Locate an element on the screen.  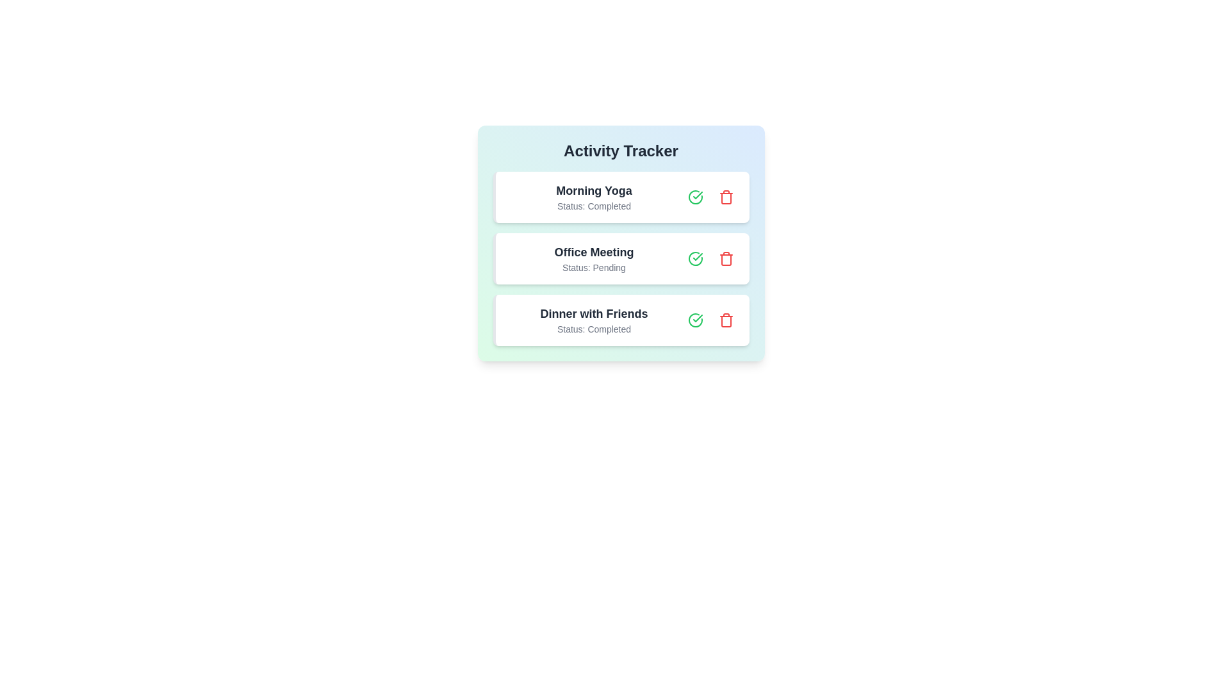
trash can button to remove the activity Dinner with Friends is located at coordinates (726, 320).